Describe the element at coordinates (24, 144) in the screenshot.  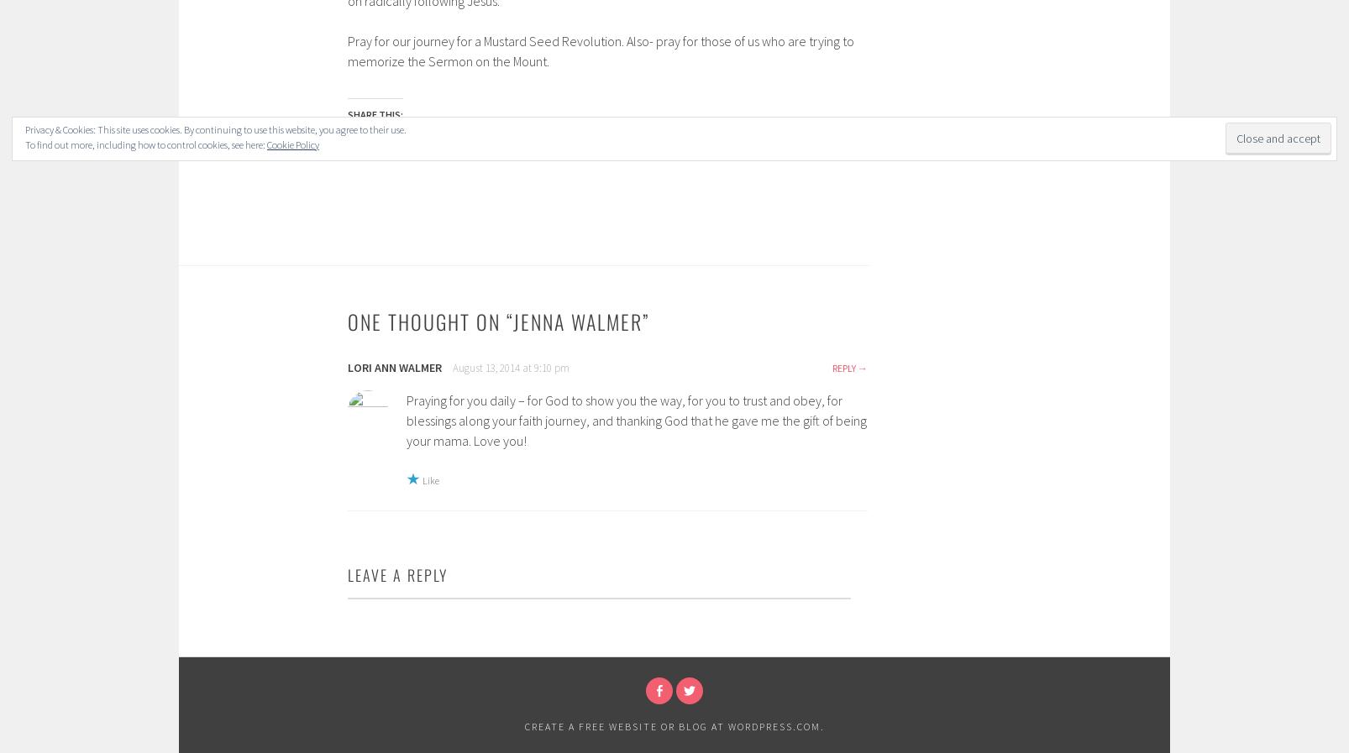
I see `'To find out more, including how to control cookies, see here:'` at that location.